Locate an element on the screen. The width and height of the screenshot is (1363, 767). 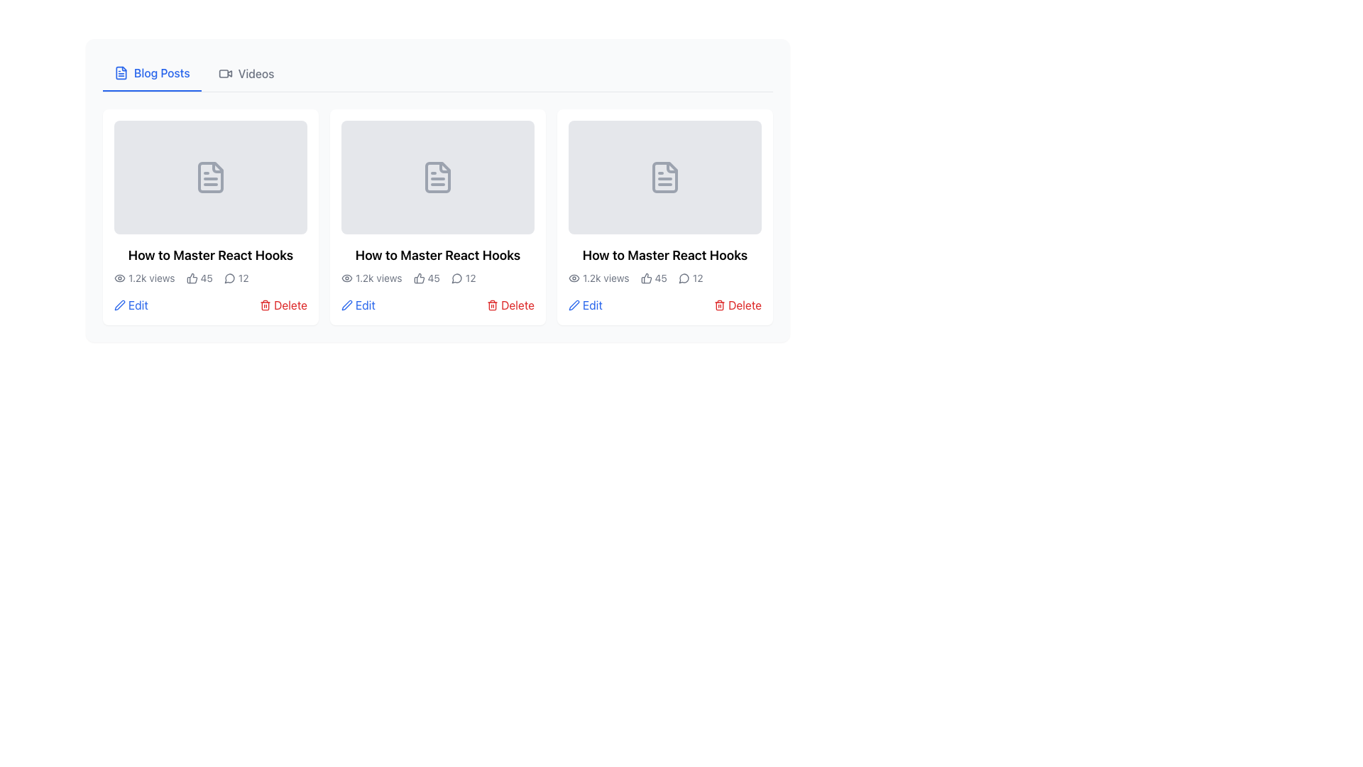
the comment icon located below the blog post card, which is the last icon in a row of three, positioned to the right of the thumbs-up icon and to the left of the numeric text '12' is located at coordinates (456, 278).